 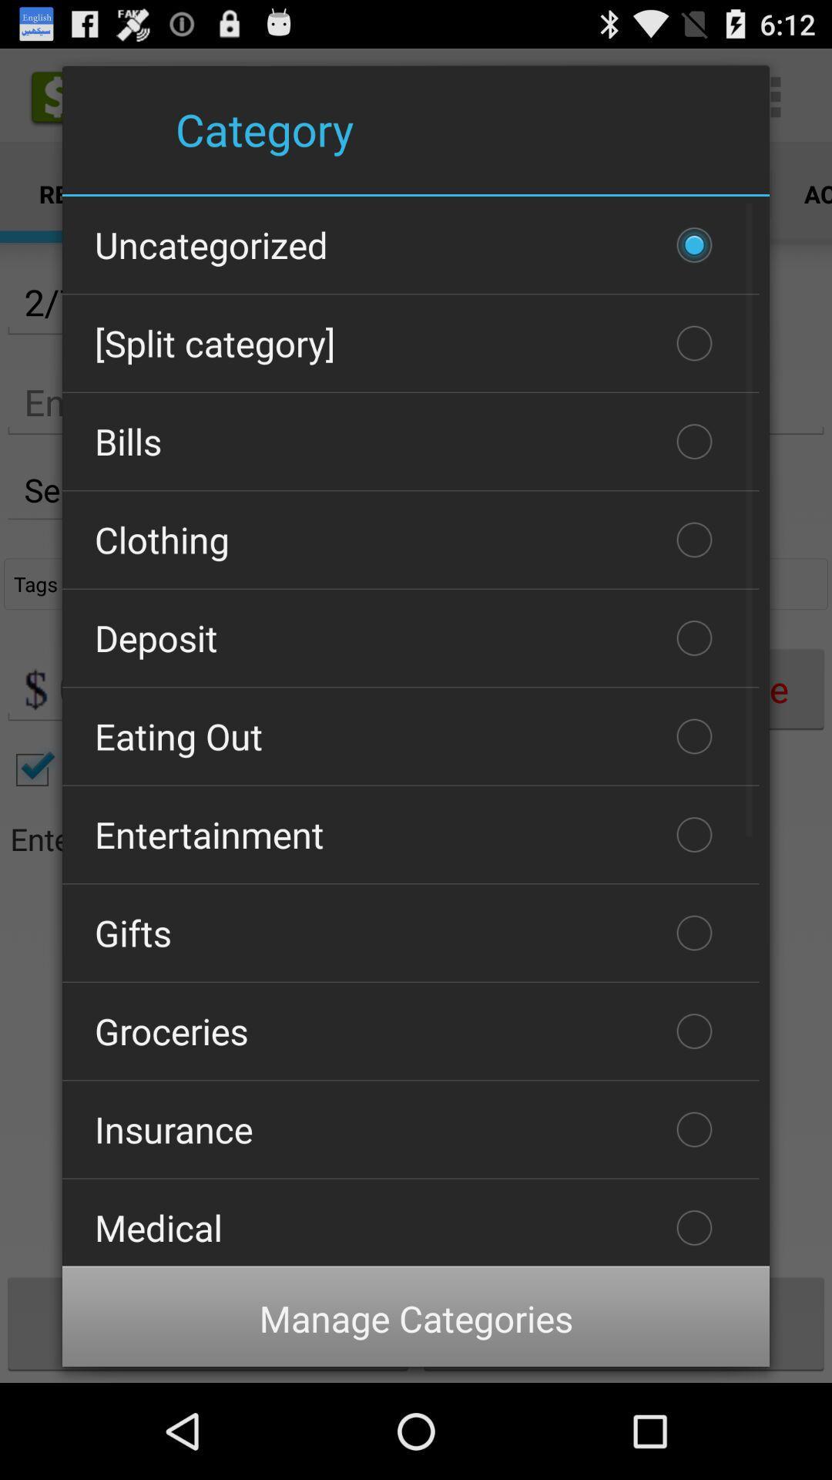 What do you see at coordinates (410, 440) in the screenshot?
I see `the icon below the [split category] icon` at bounding box center [410, 440].